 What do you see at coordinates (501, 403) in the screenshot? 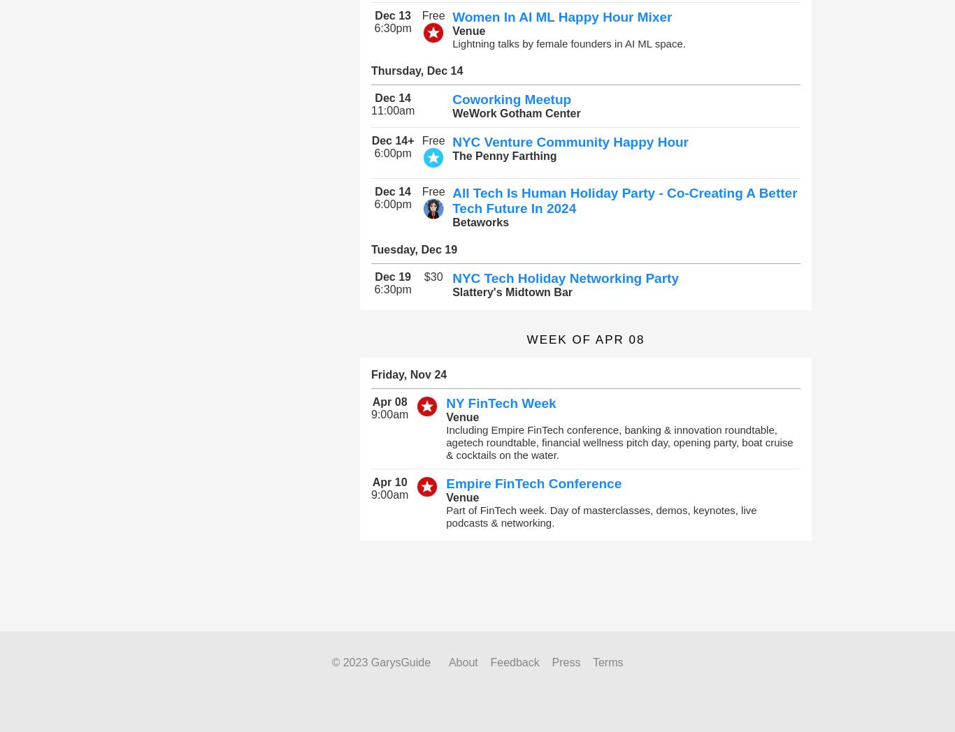
I see `'NY FinTech Week'` at bounding box center [501, 403].